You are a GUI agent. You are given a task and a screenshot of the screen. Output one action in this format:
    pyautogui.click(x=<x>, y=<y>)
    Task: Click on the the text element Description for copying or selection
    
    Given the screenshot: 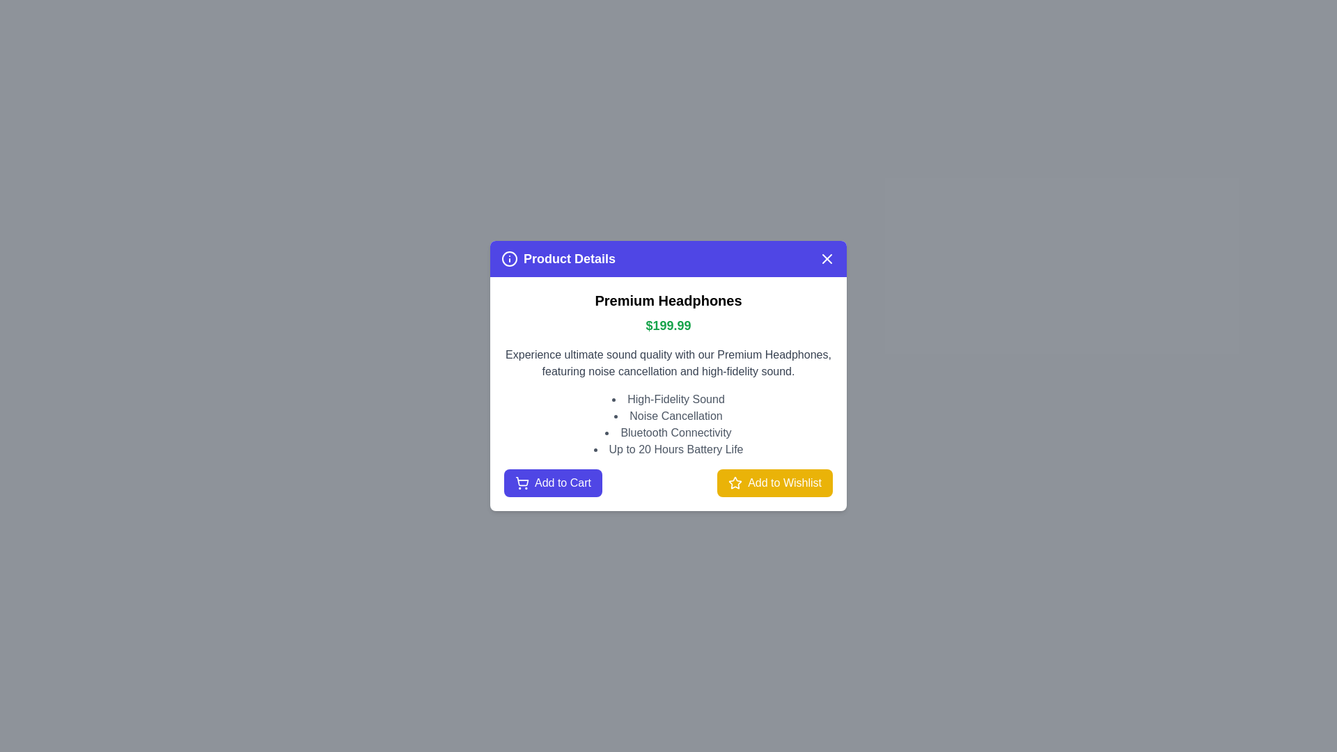 What is the action you would take?
    pyautogui.click(x=668, y=362)
    